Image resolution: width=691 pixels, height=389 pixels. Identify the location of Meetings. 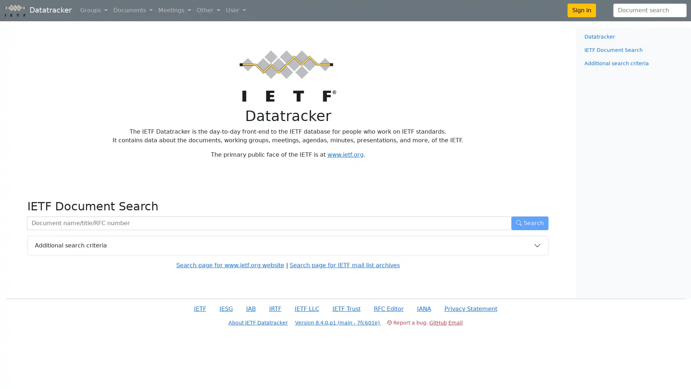
(175, 10).